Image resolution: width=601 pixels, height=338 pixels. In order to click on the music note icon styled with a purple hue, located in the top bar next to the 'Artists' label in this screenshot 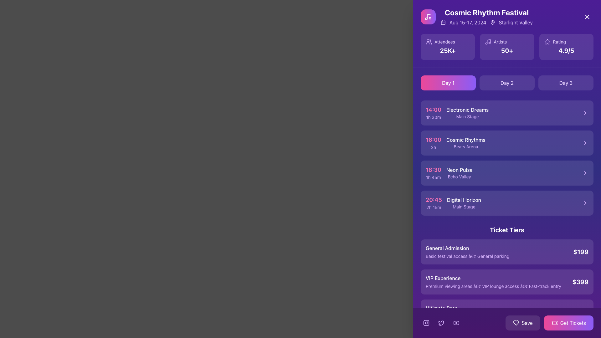, I will do `click(488, 42)`.